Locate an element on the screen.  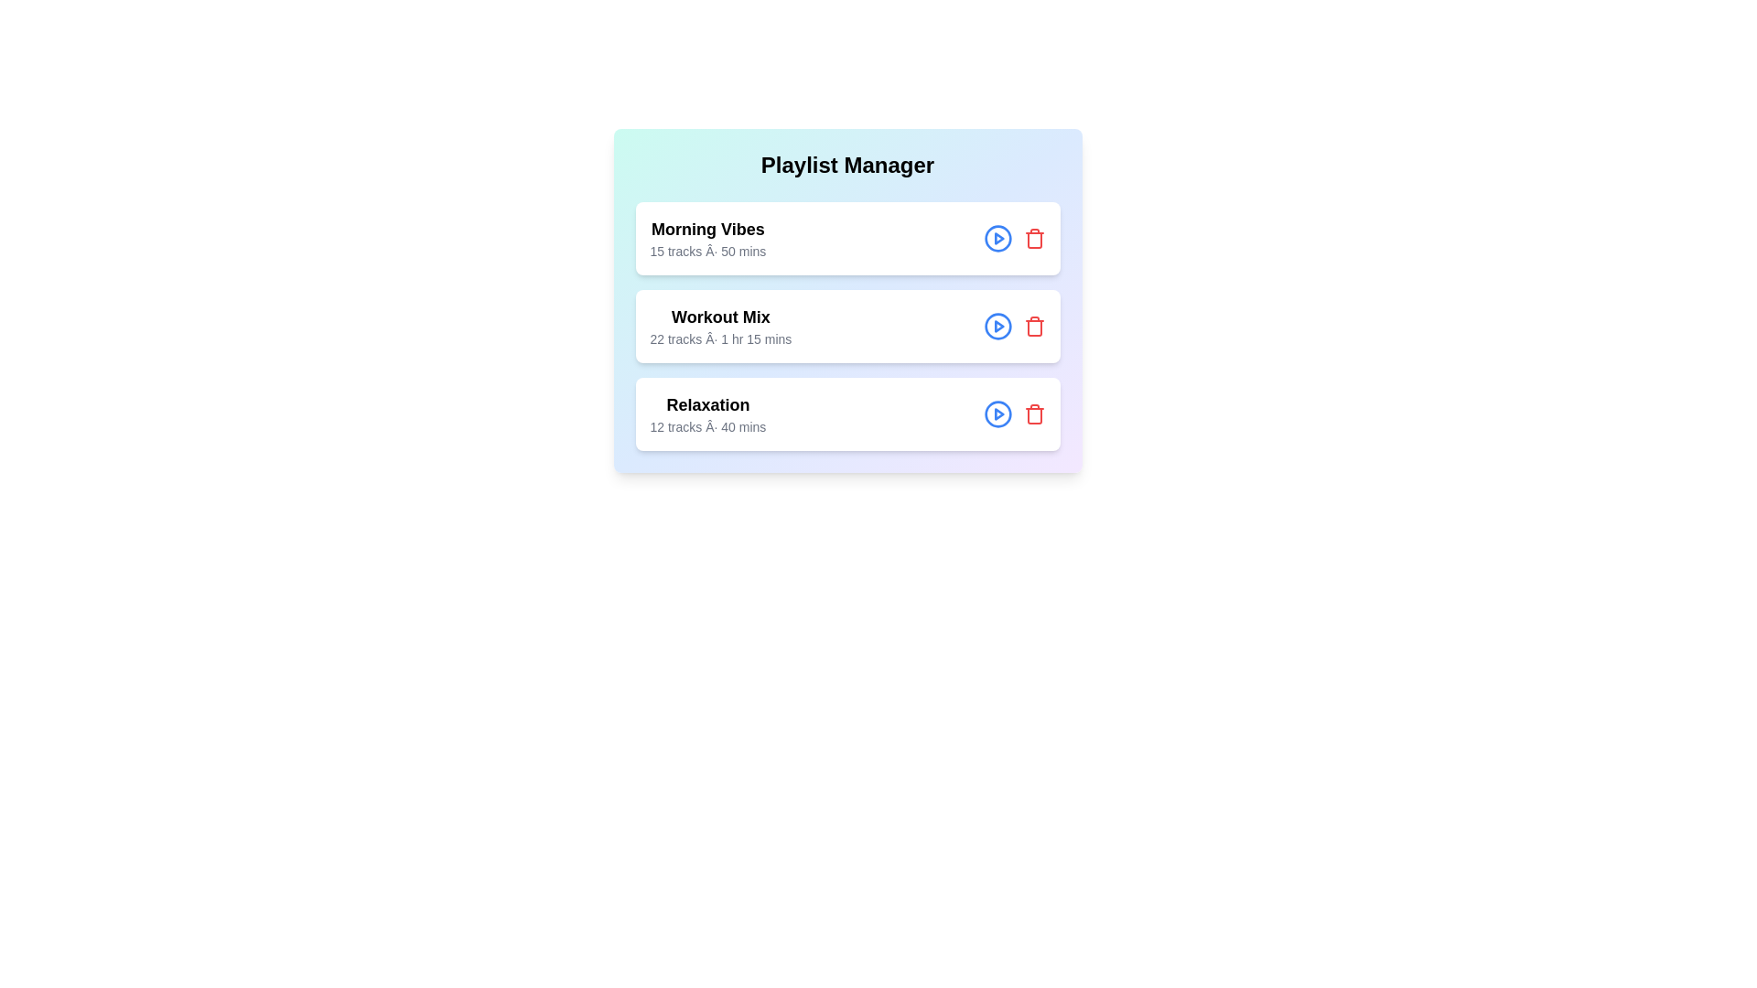
play button for the playlist titled Relaxation is located at coordinates (997, 413).